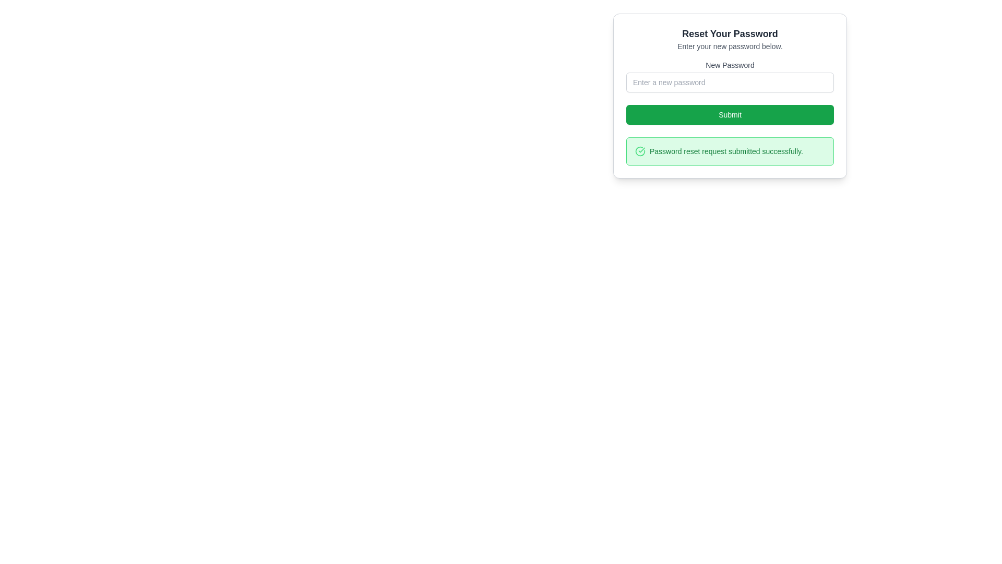 The height and width of the screenshot is (564, 1002). What do you see at coordinates (640, 151) in the screenshot?
I see `the green circular icon with a check mark inside, which is located to the left of the success message 'Password reset request submitted successfully.'` at bounding box center [640, 151].